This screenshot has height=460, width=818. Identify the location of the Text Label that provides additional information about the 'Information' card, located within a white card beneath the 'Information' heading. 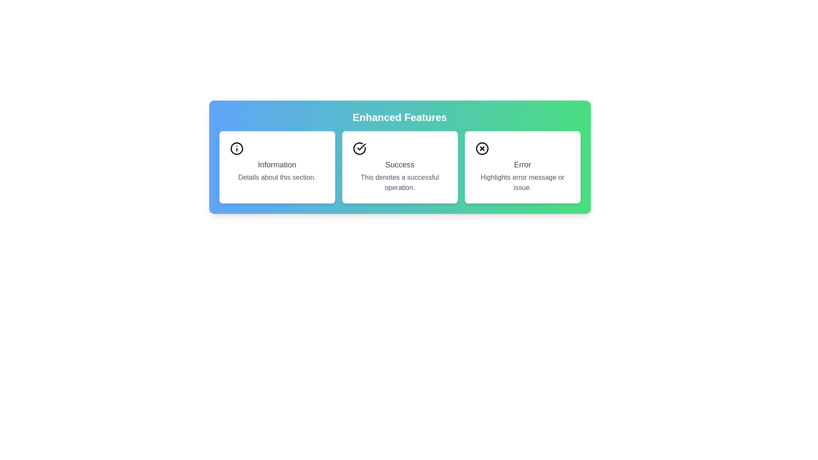
(277, 177).